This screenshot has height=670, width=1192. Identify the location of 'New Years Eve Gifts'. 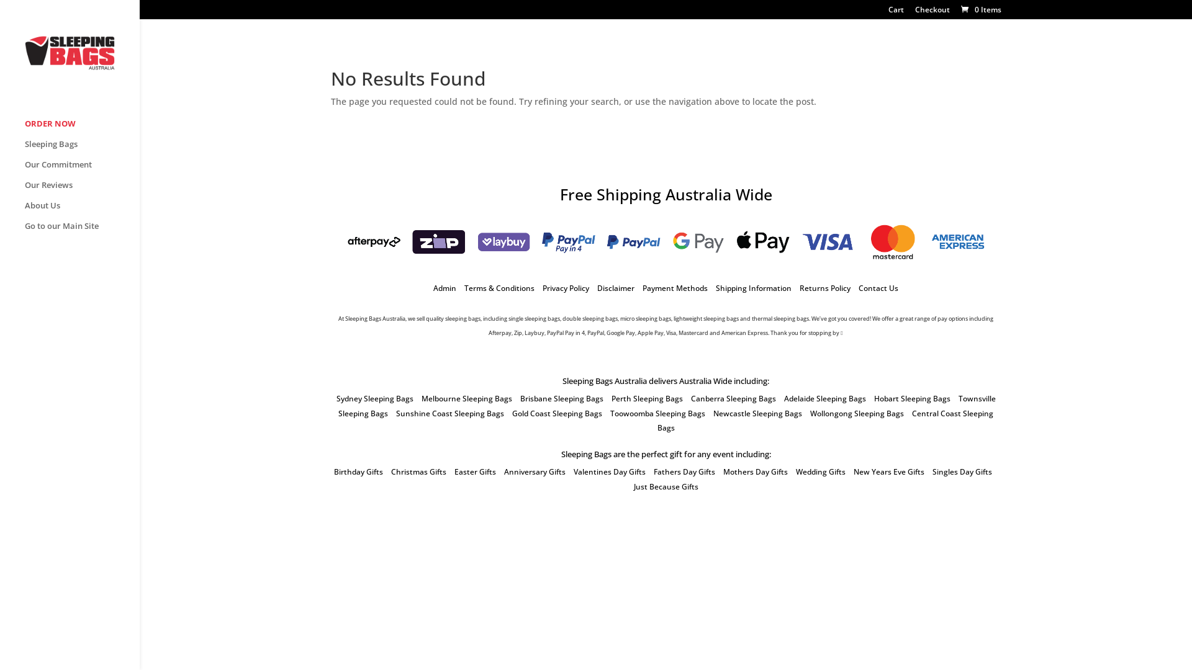
(887, 471).